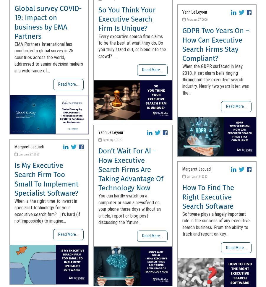 The image size is (266, 287). Describe the element at coordinates (48, 57) in the screenshot. I see `'EMA Partners International has conducted a global survey in 25 countries across the world, addressed to senior decision-makers in a wide range of...'` at that location.